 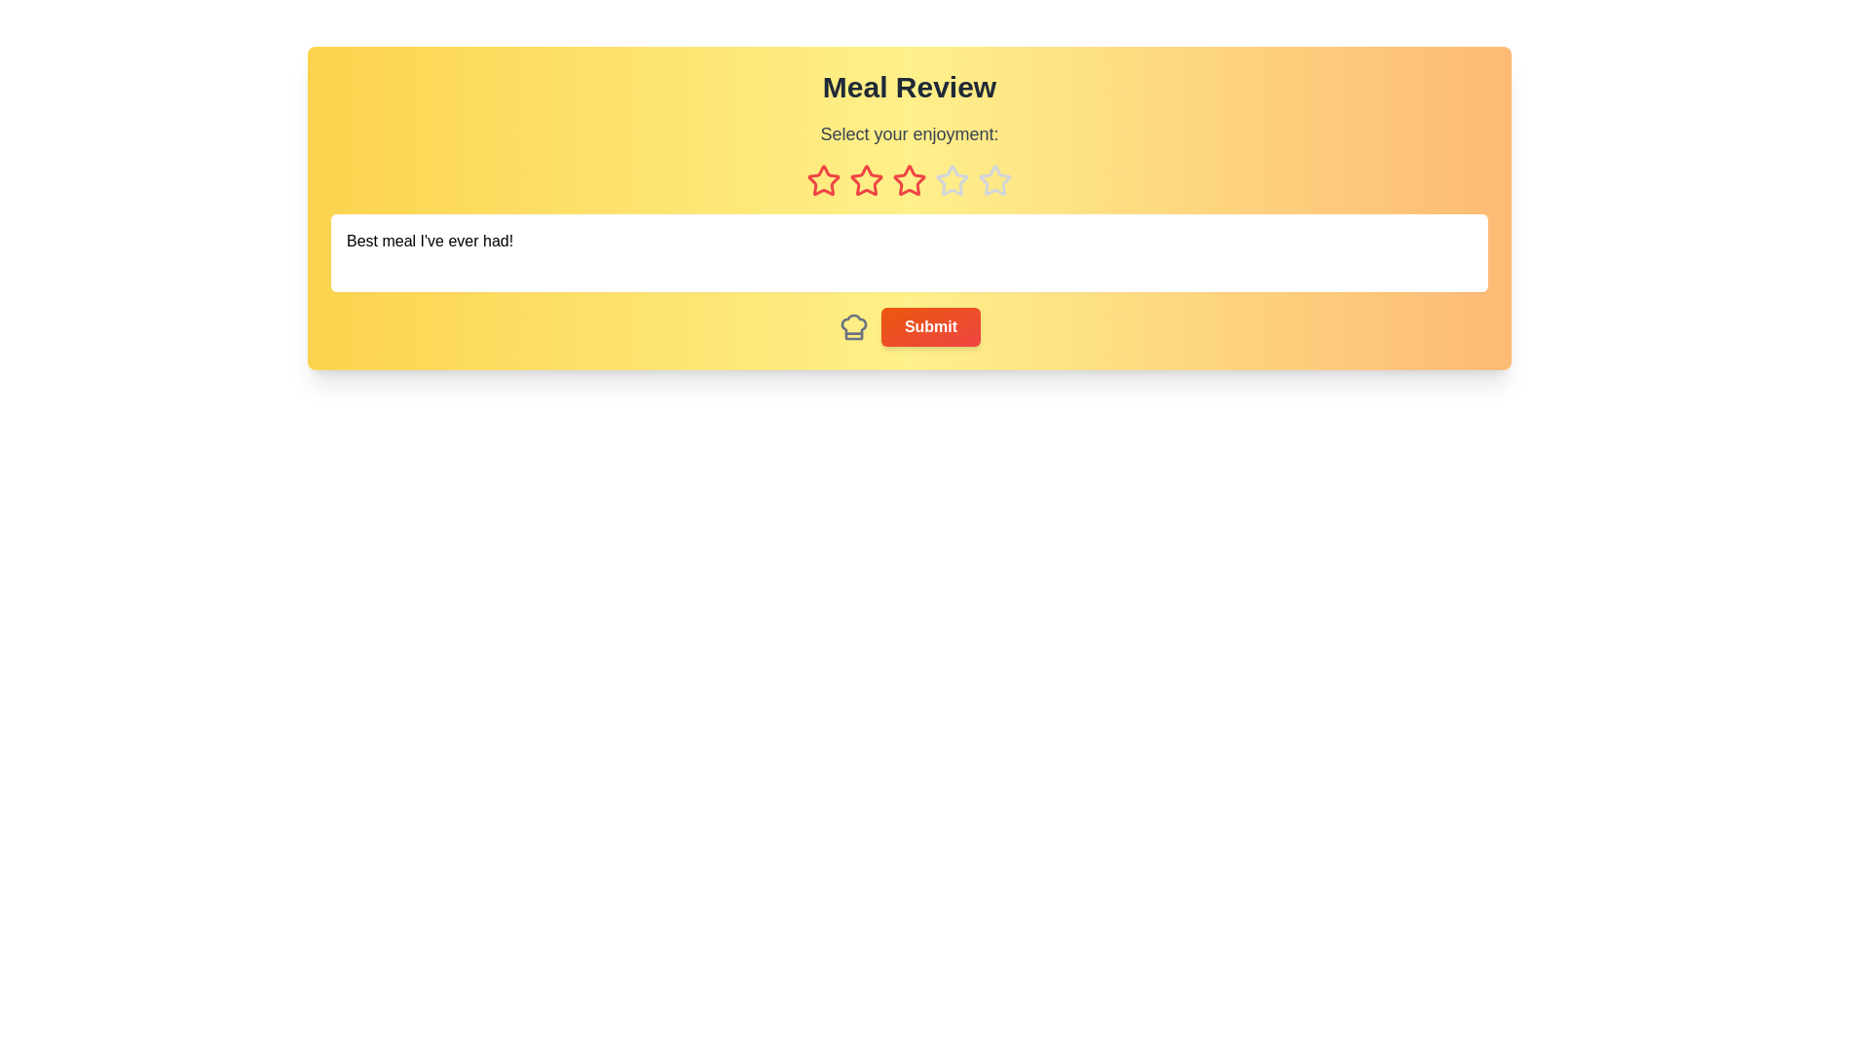 I want to click on the fourth star icon in the five-star rating system located below the text 'Select your enjoyment', so click(x=995, y=180).